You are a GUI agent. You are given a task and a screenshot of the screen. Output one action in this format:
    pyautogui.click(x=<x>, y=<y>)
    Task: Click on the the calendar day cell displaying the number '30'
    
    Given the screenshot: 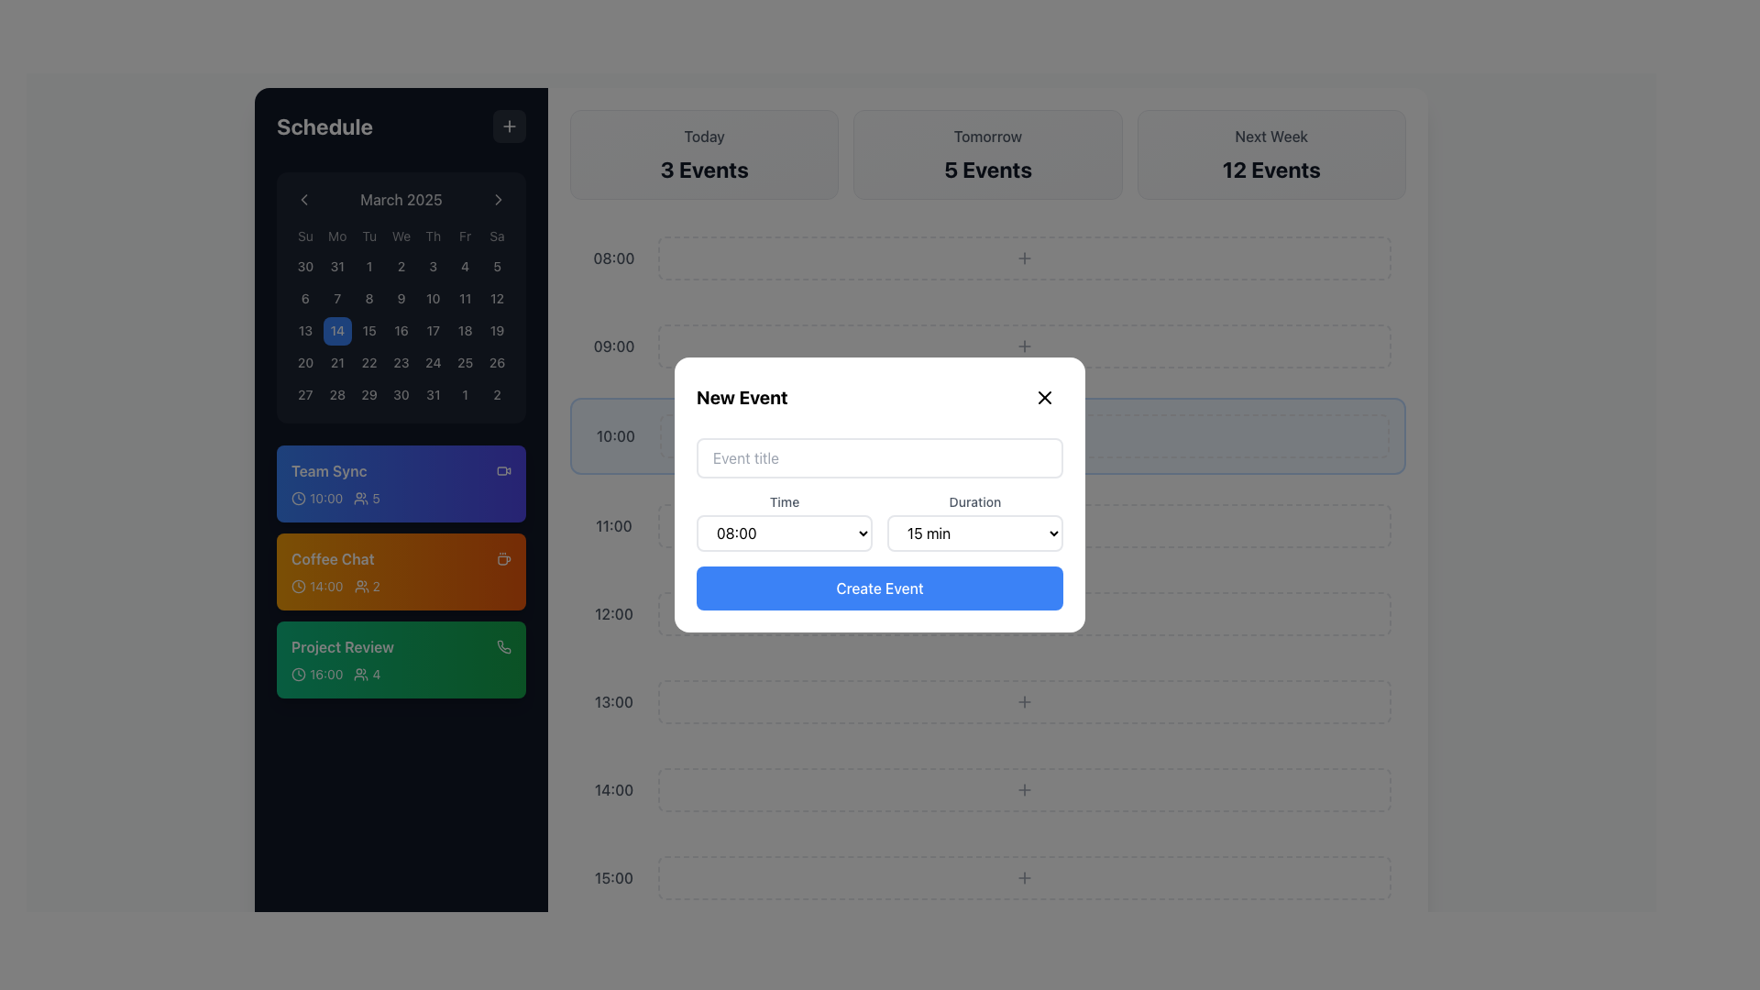 What is the action you would take?
    pyautogui.click(x=305, y=267)
    